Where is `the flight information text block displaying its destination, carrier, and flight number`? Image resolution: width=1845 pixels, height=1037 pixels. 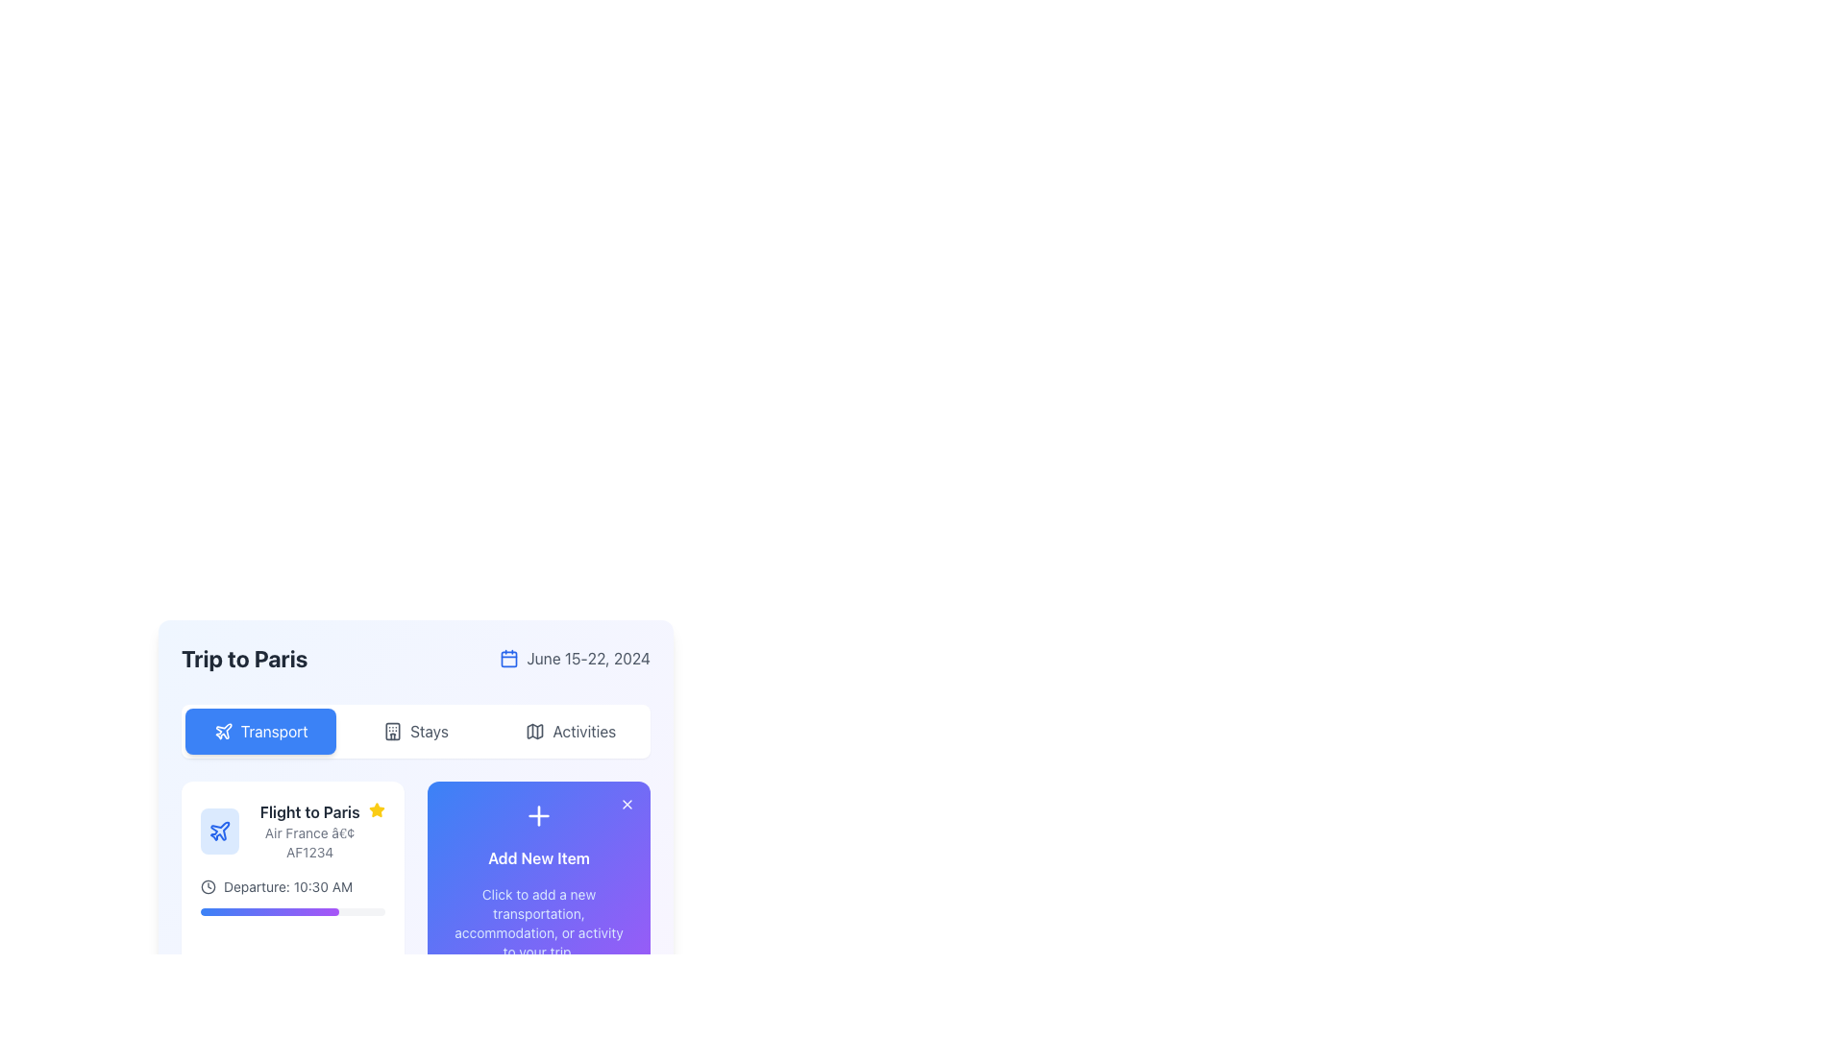
the flight information text block displaying its destination, carrier, and flight number is located at coordinates (283, 831).